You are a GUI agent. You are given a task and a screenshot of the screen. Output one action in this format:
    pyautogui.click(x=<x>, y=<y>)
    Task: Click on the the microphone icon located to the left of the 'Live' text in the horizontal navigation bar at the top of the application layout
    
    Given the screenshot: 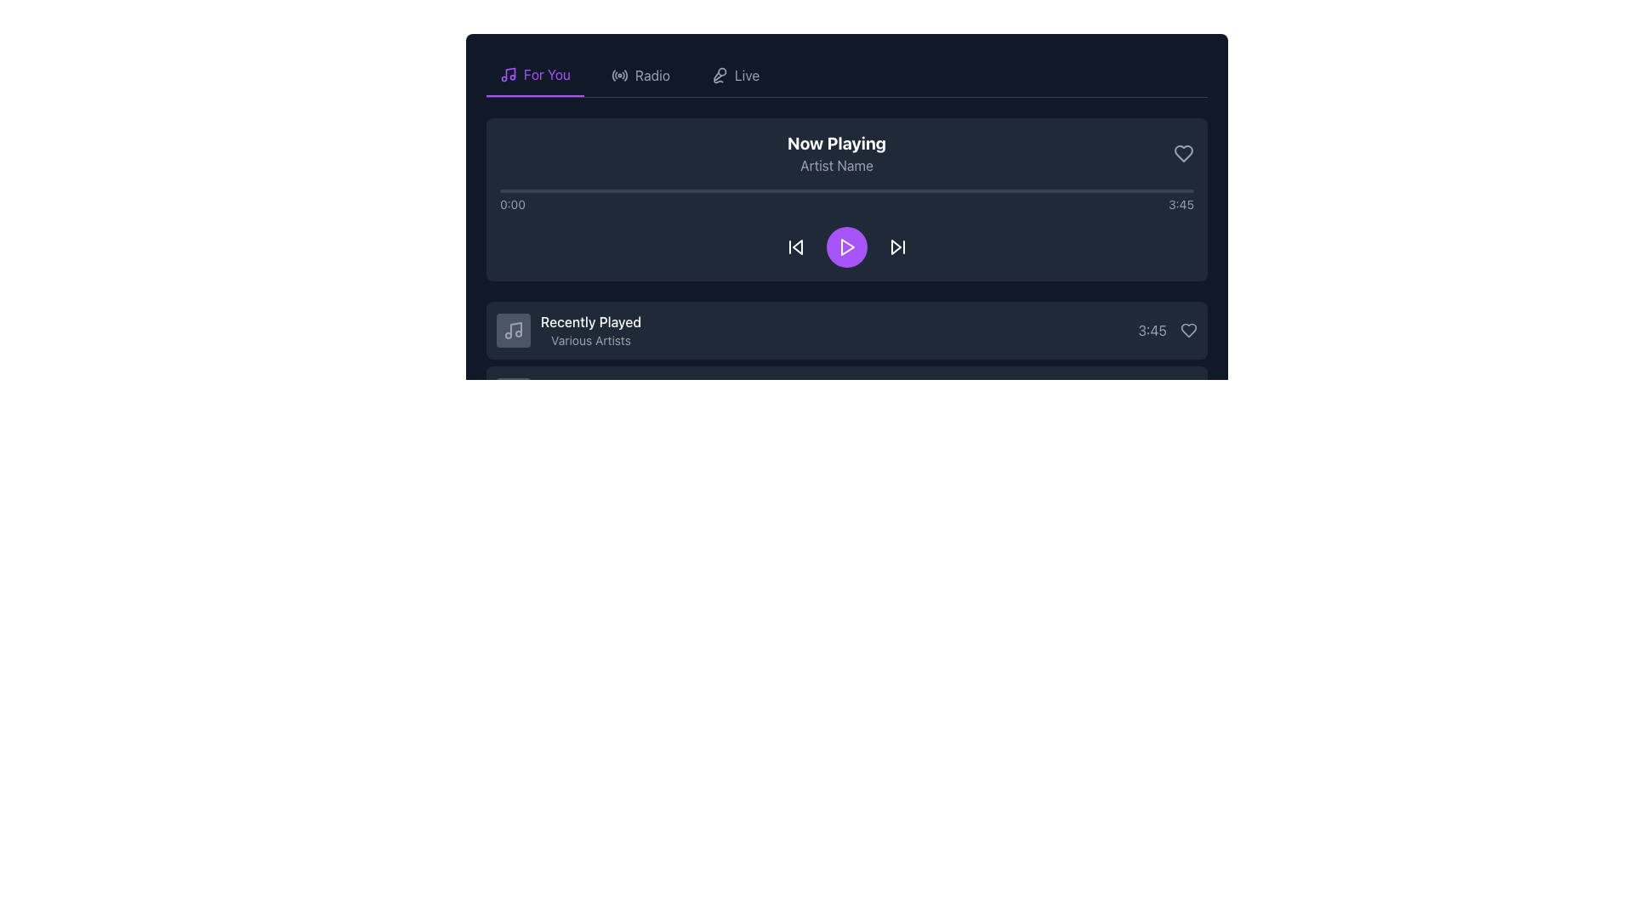 What is the action you would take?
    pyautogui.click(x=719, y=74)
    